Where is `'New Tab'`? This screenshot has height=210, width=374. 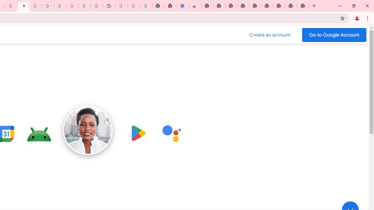 'New Tab' is located at coordinates (303, 6).